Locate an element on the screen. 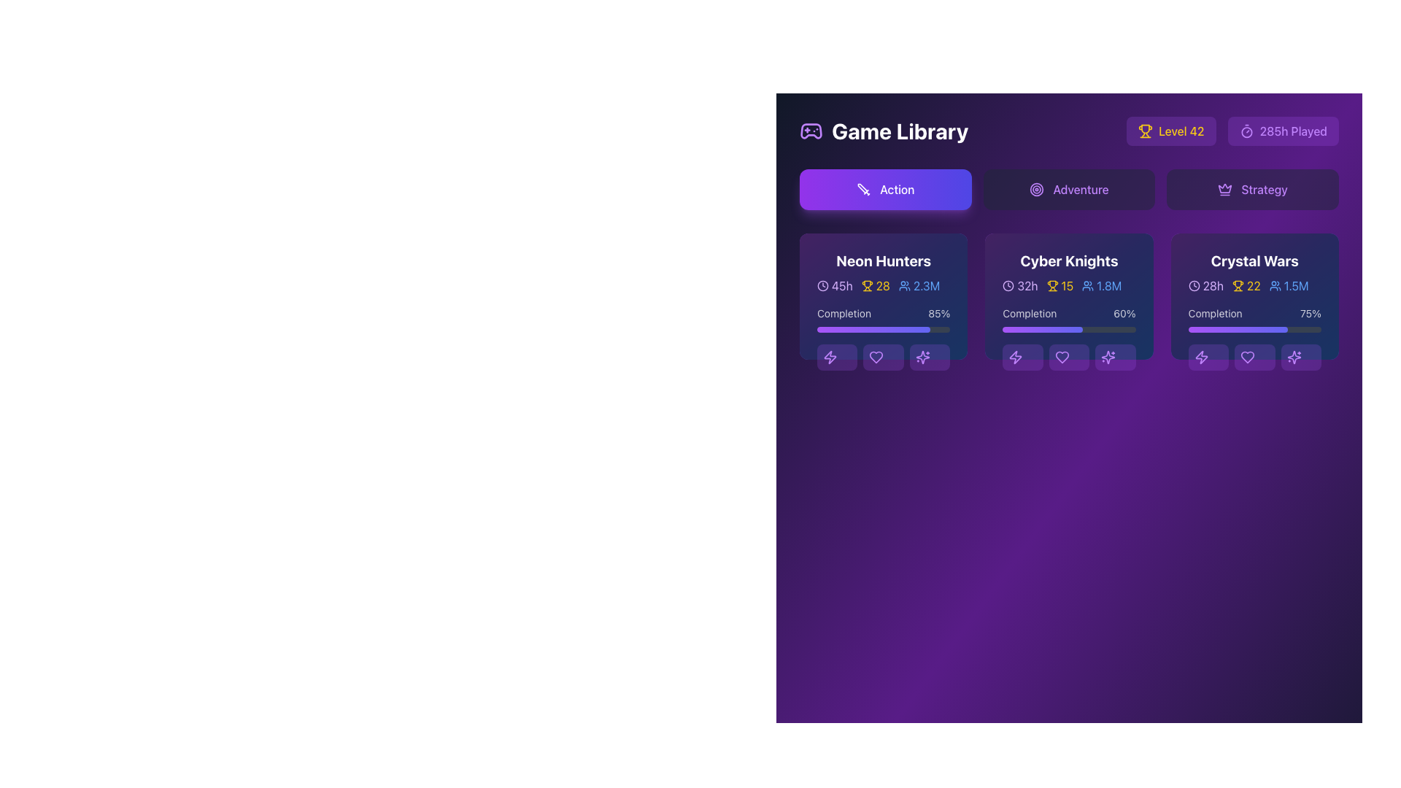 The image size is (1401, 788). the sparkle-designed icon located in the bottom row of the 'Neon Hunters' game card, which is the rightmost button next to the heart-shaped icon is located at coordinates (922, 357).